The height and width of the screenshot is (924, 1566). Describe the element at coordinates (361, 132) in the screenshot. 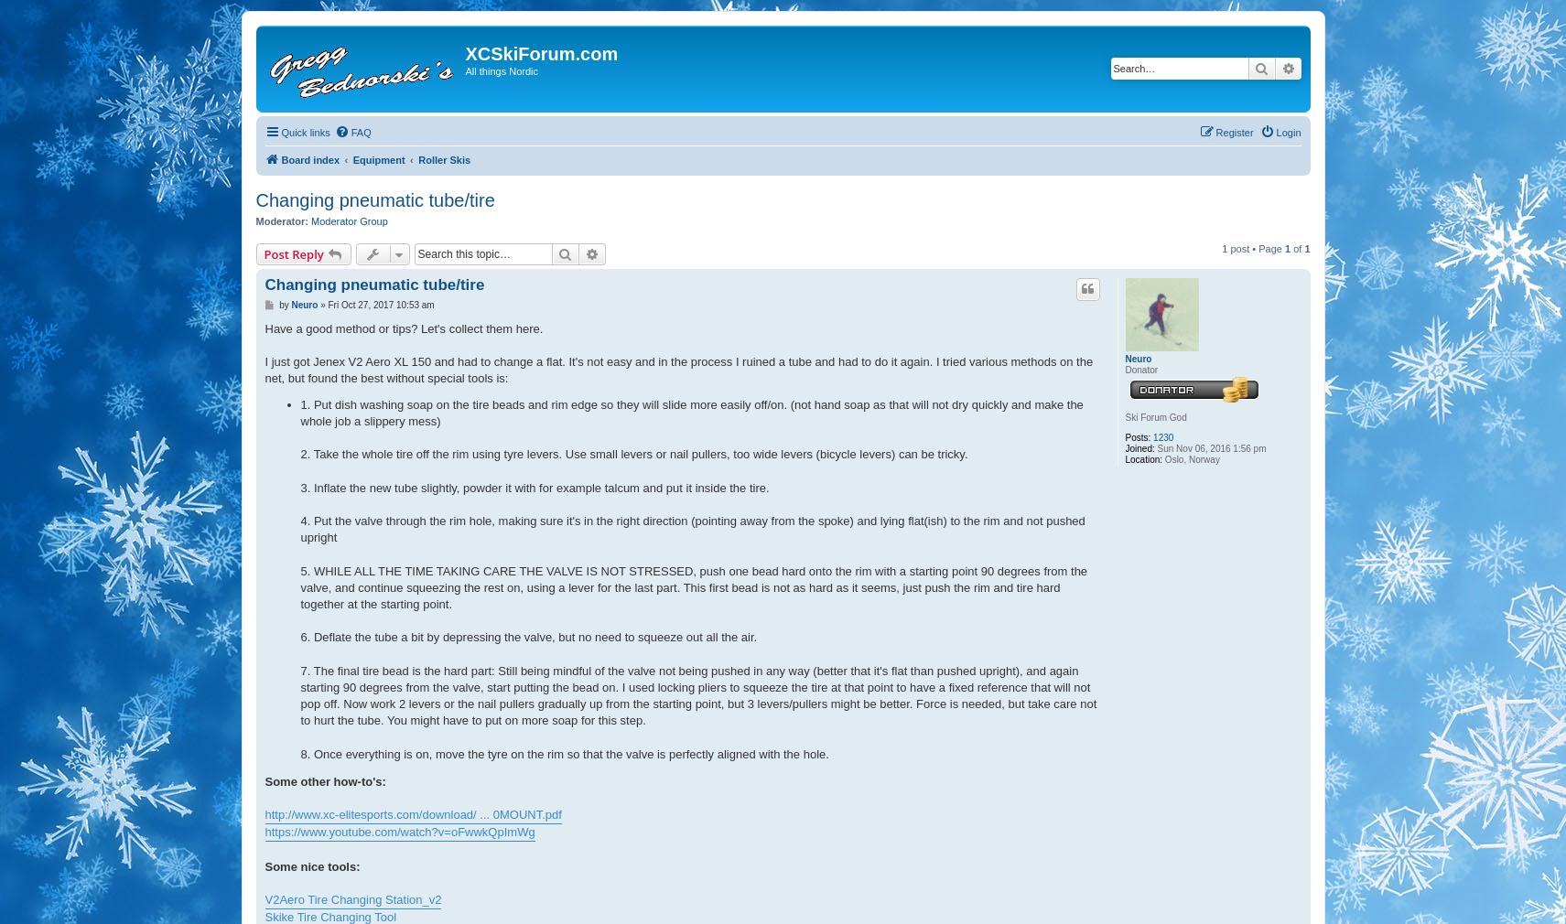

I see `'FAQ'` at that location.